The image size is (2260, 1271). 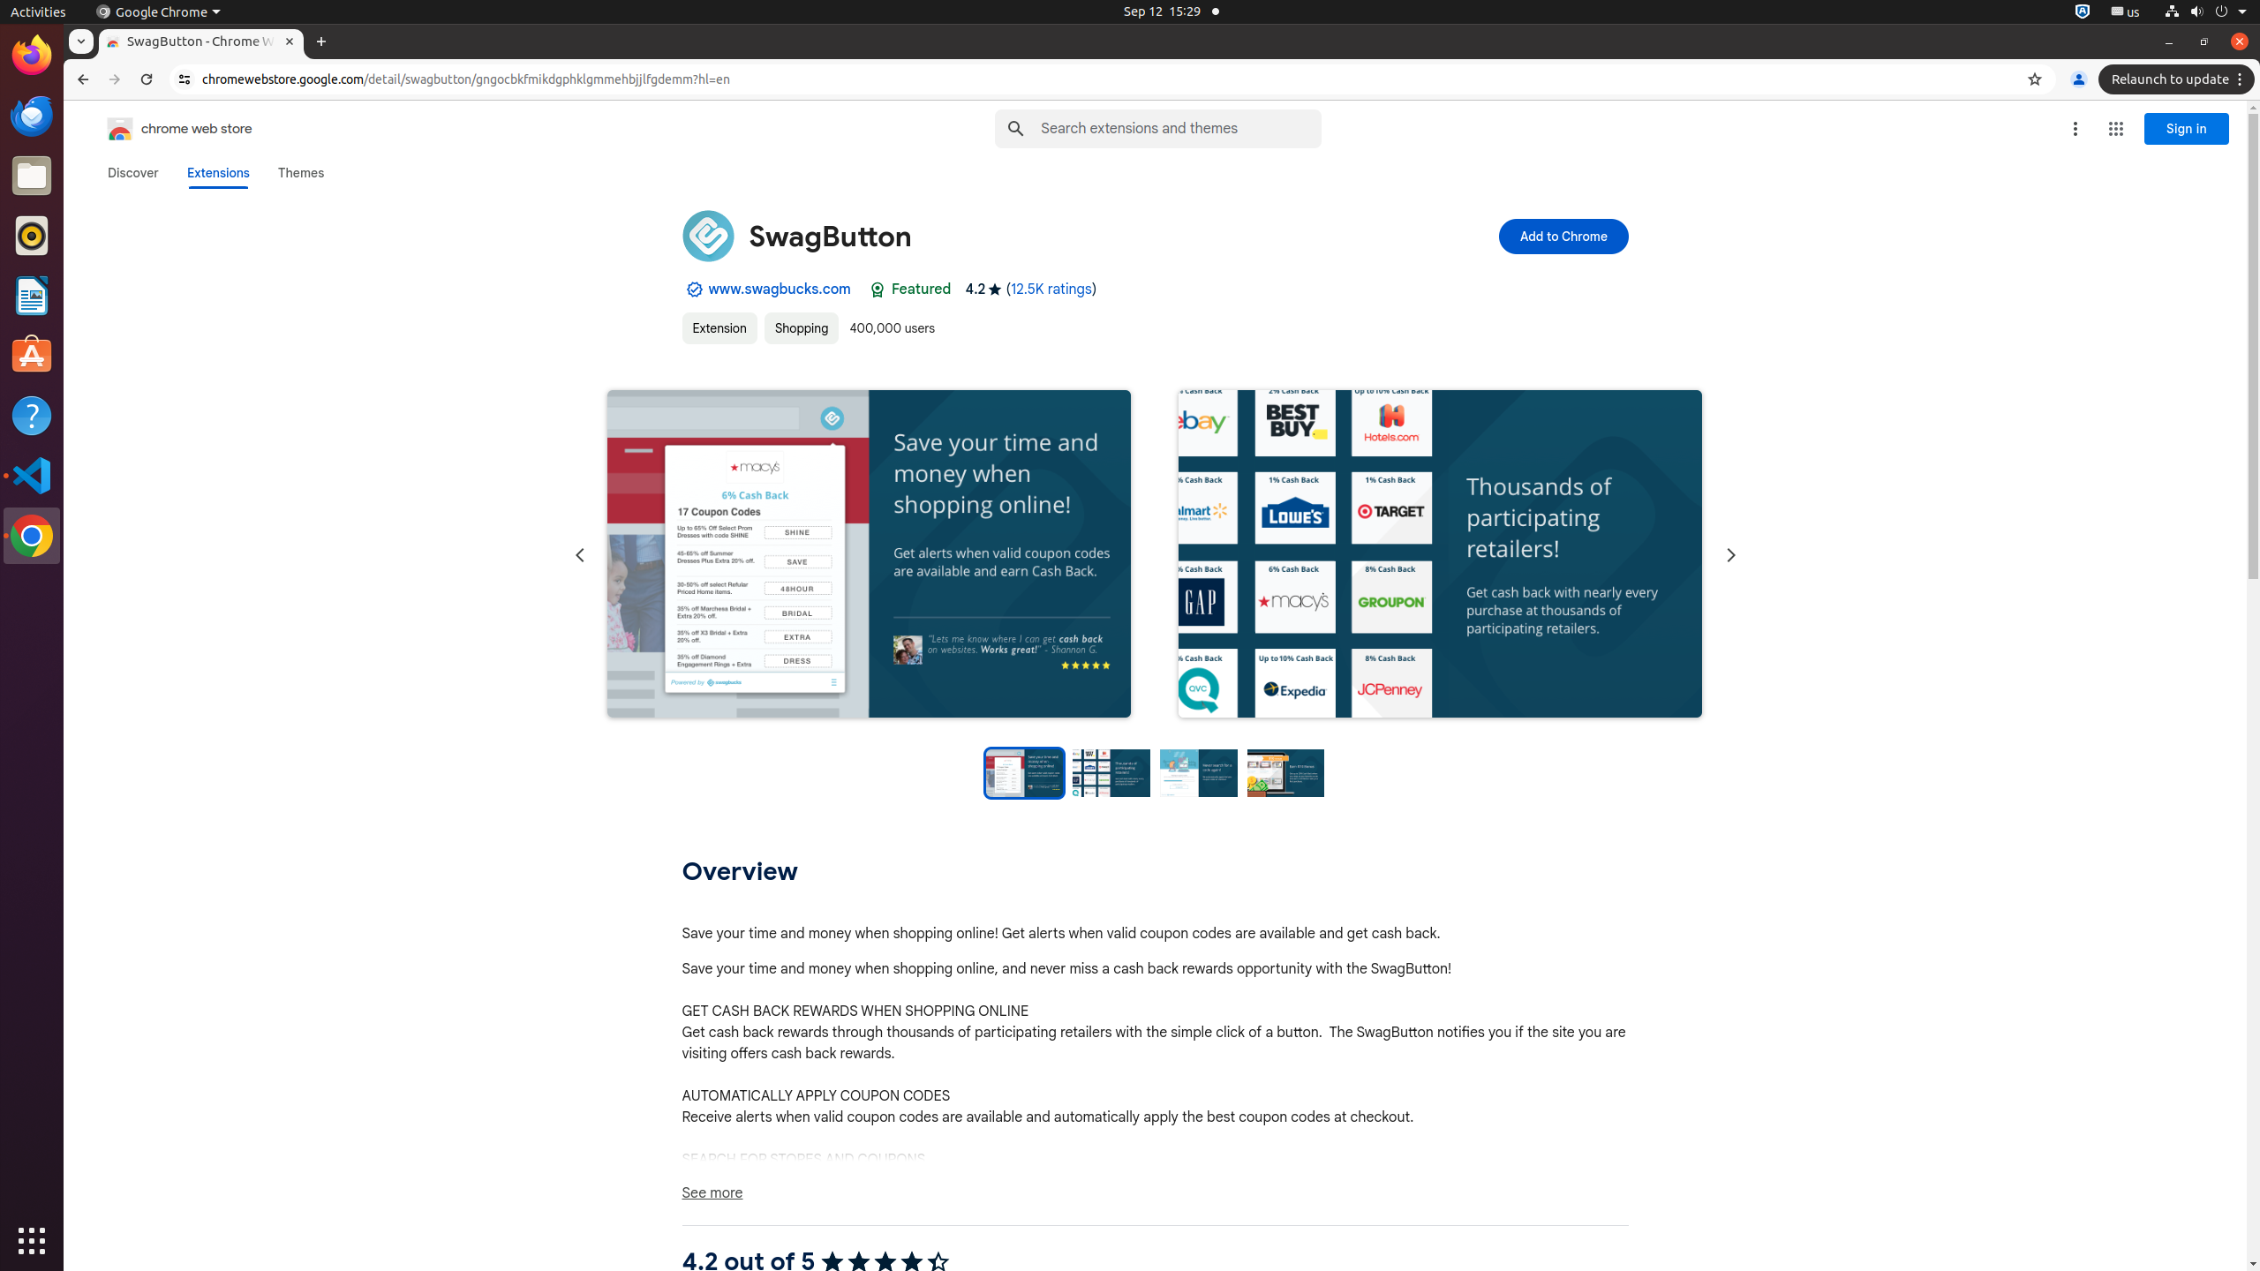 What do you see at coordinates (32, 54) in the screenshot?
I see `'Firefox Web Browser'` at bounding box center [32, 54].